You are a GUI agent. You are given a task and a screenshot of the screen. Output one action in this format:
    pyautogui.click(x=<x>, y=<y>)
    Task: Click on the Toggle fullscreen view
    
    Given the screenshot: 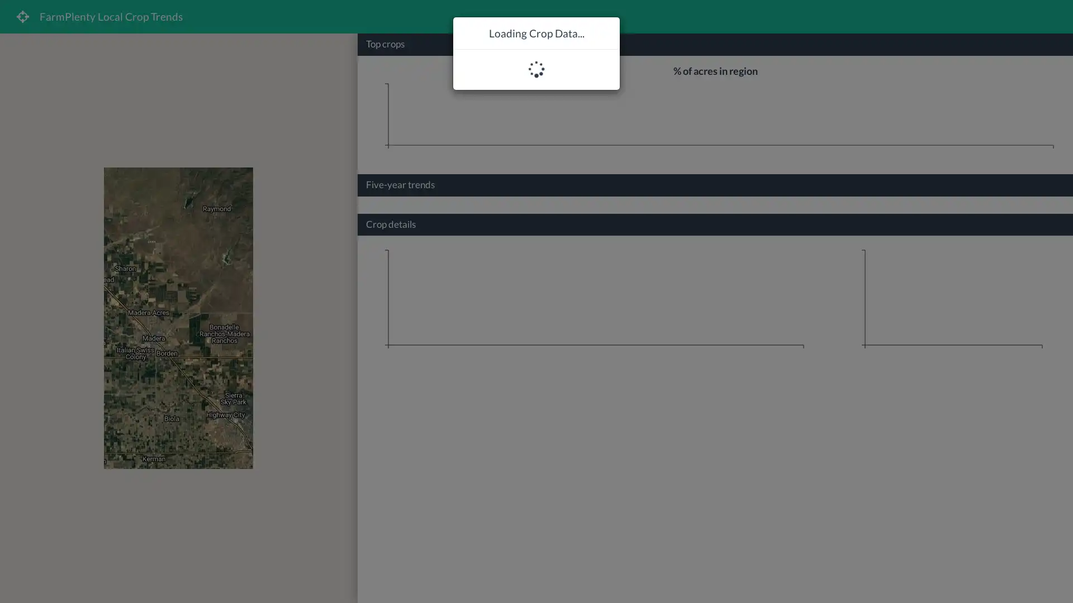 What is the action you would take?
    pyautogui.click(x=340, y=49)
    